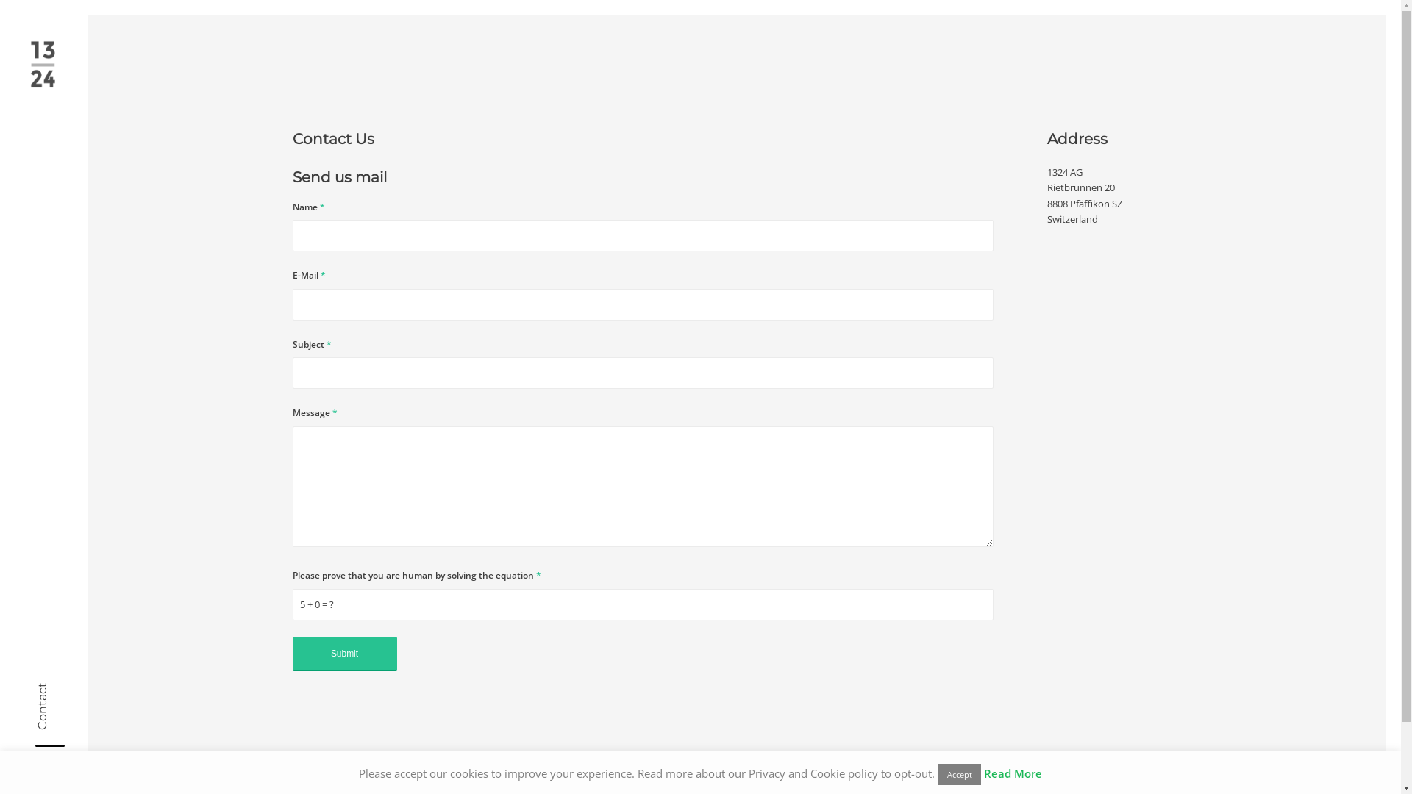 Image resolution: width=1412 pixels, height=794 pixels. What do you see at coordinates (960, 773) in the screenshot?
I see `'Accept'` at bounding box center [960, 773].